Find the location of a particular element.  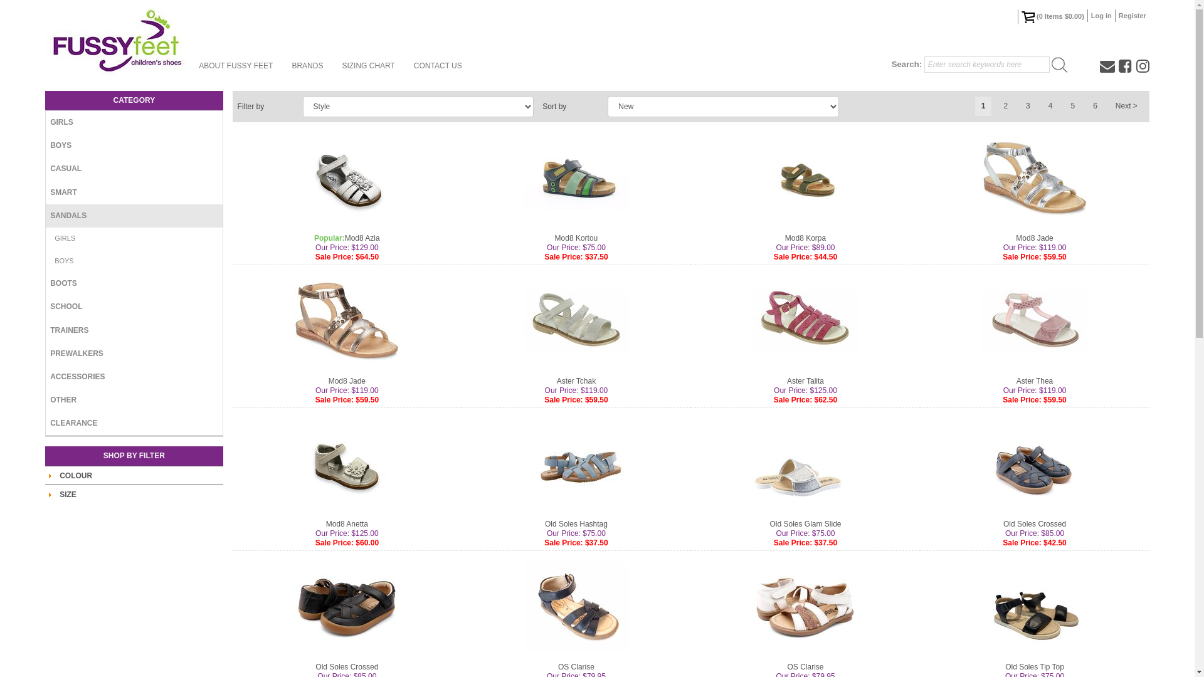

'BRANDS' is located at coordinates (307, 65).